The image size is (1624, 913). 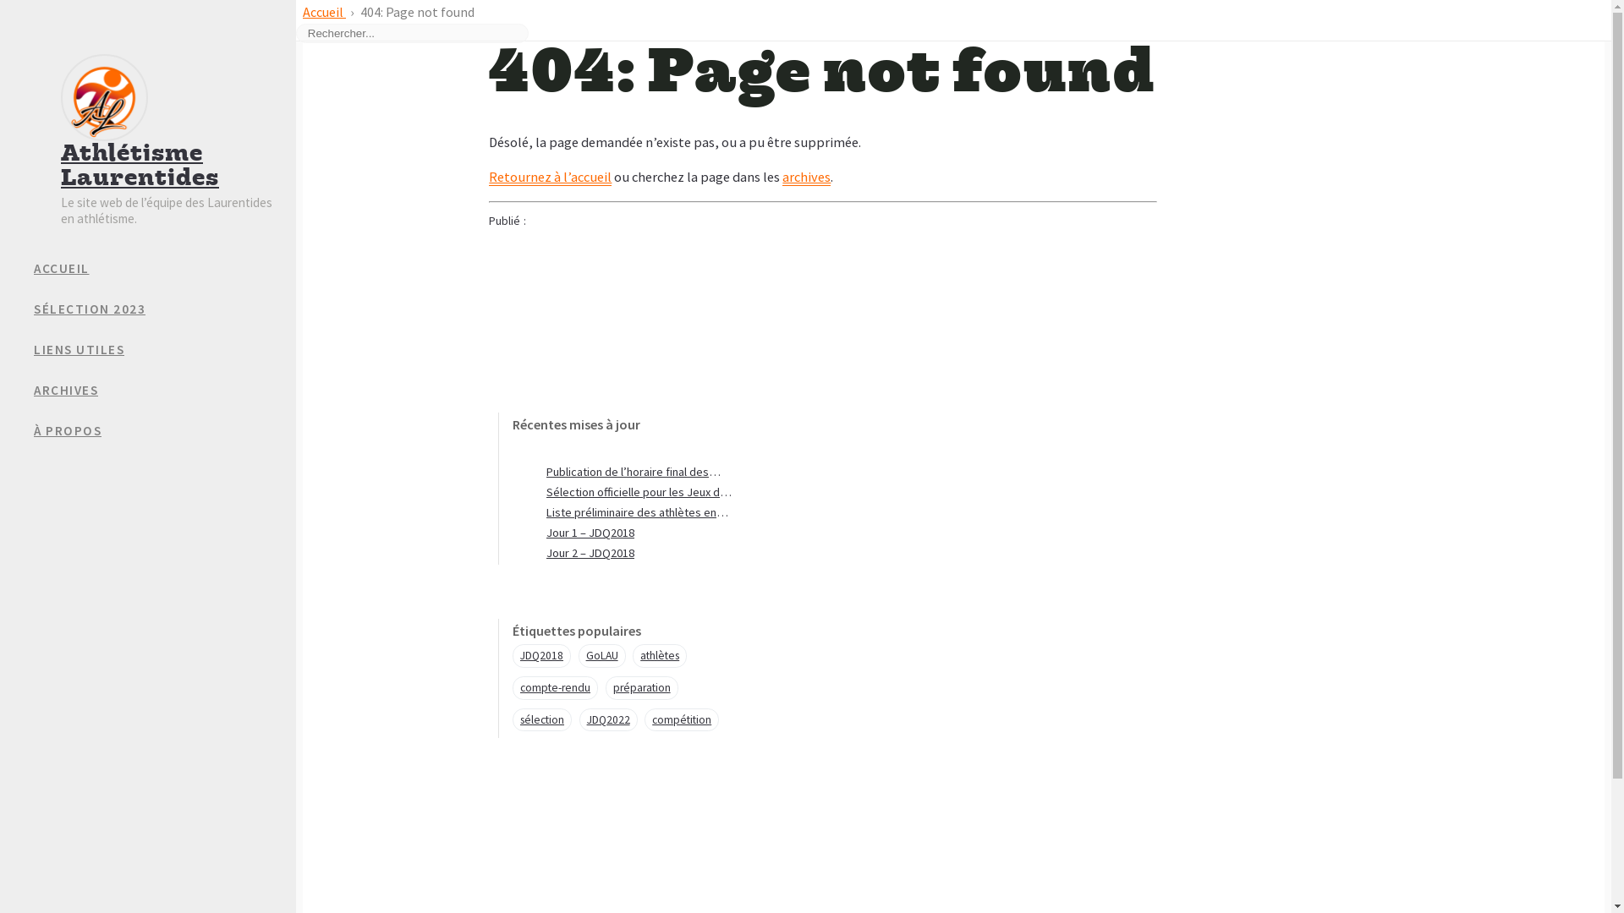 I want to click on 'JDQ2022', so click(x=608, y=720).